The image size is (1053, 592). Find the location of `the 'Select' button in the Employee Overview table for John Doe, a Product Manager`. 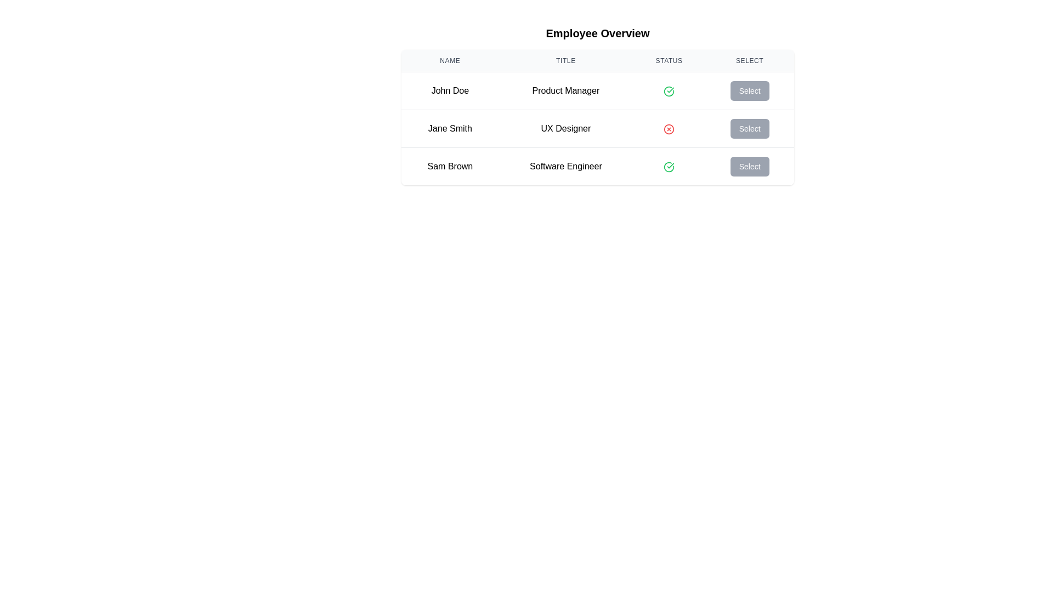

the 'Select' button in the Employee Overview table for John Doe, a Product Manager is located at coordinates (749, 90).